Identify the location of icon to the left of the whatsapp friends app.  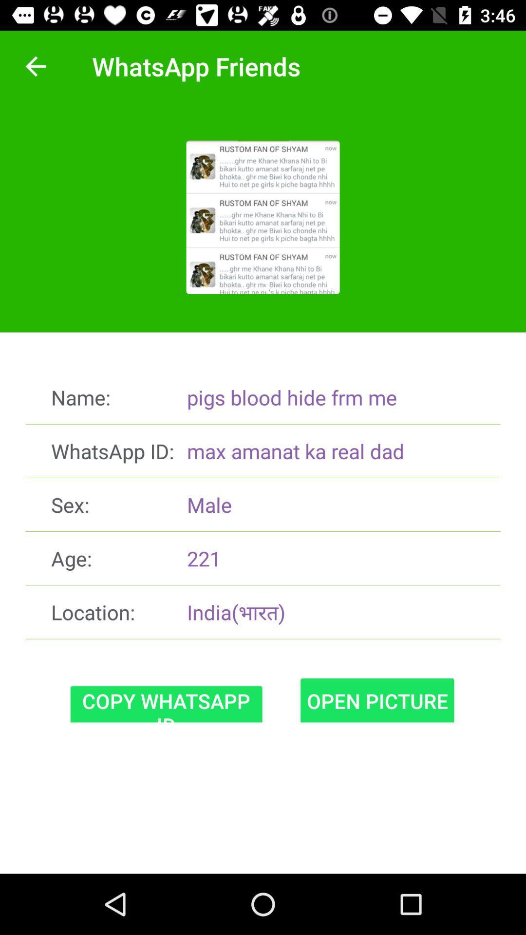
(35, 66).